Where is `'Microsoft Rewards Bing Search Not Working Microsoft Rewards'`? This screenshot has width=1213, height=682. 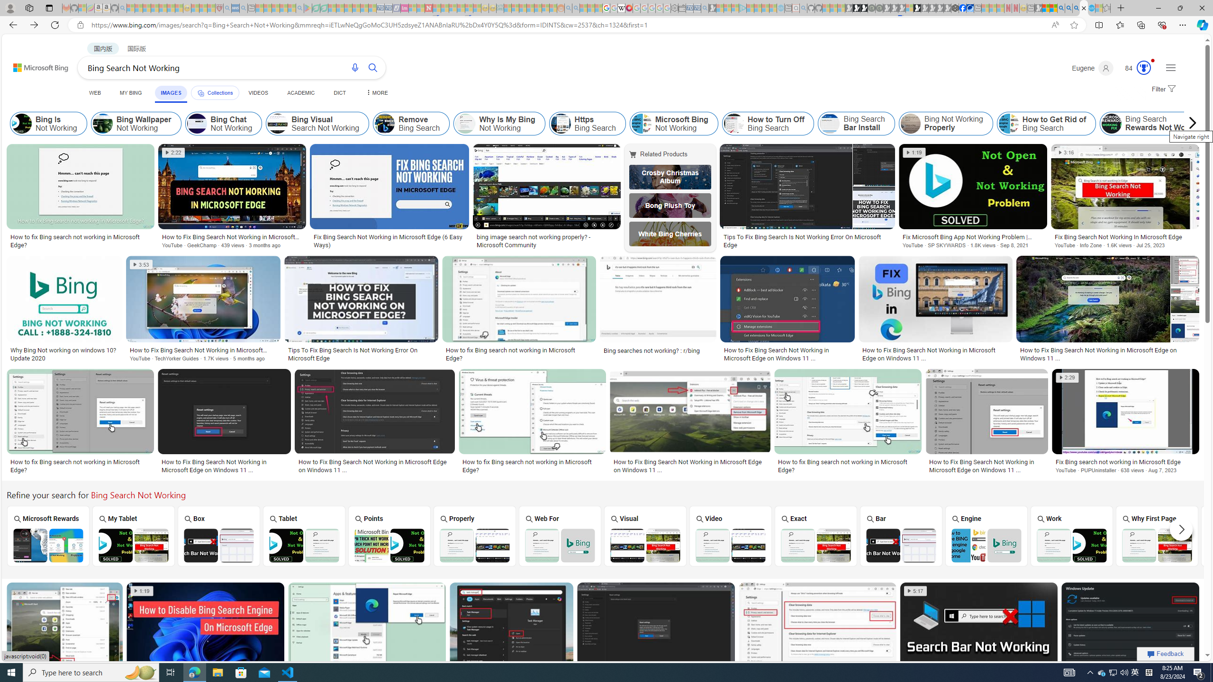 'Microsoft Rewards Bing Search Not Working Microsoft Rewards' is located at coordinates (48, 535).